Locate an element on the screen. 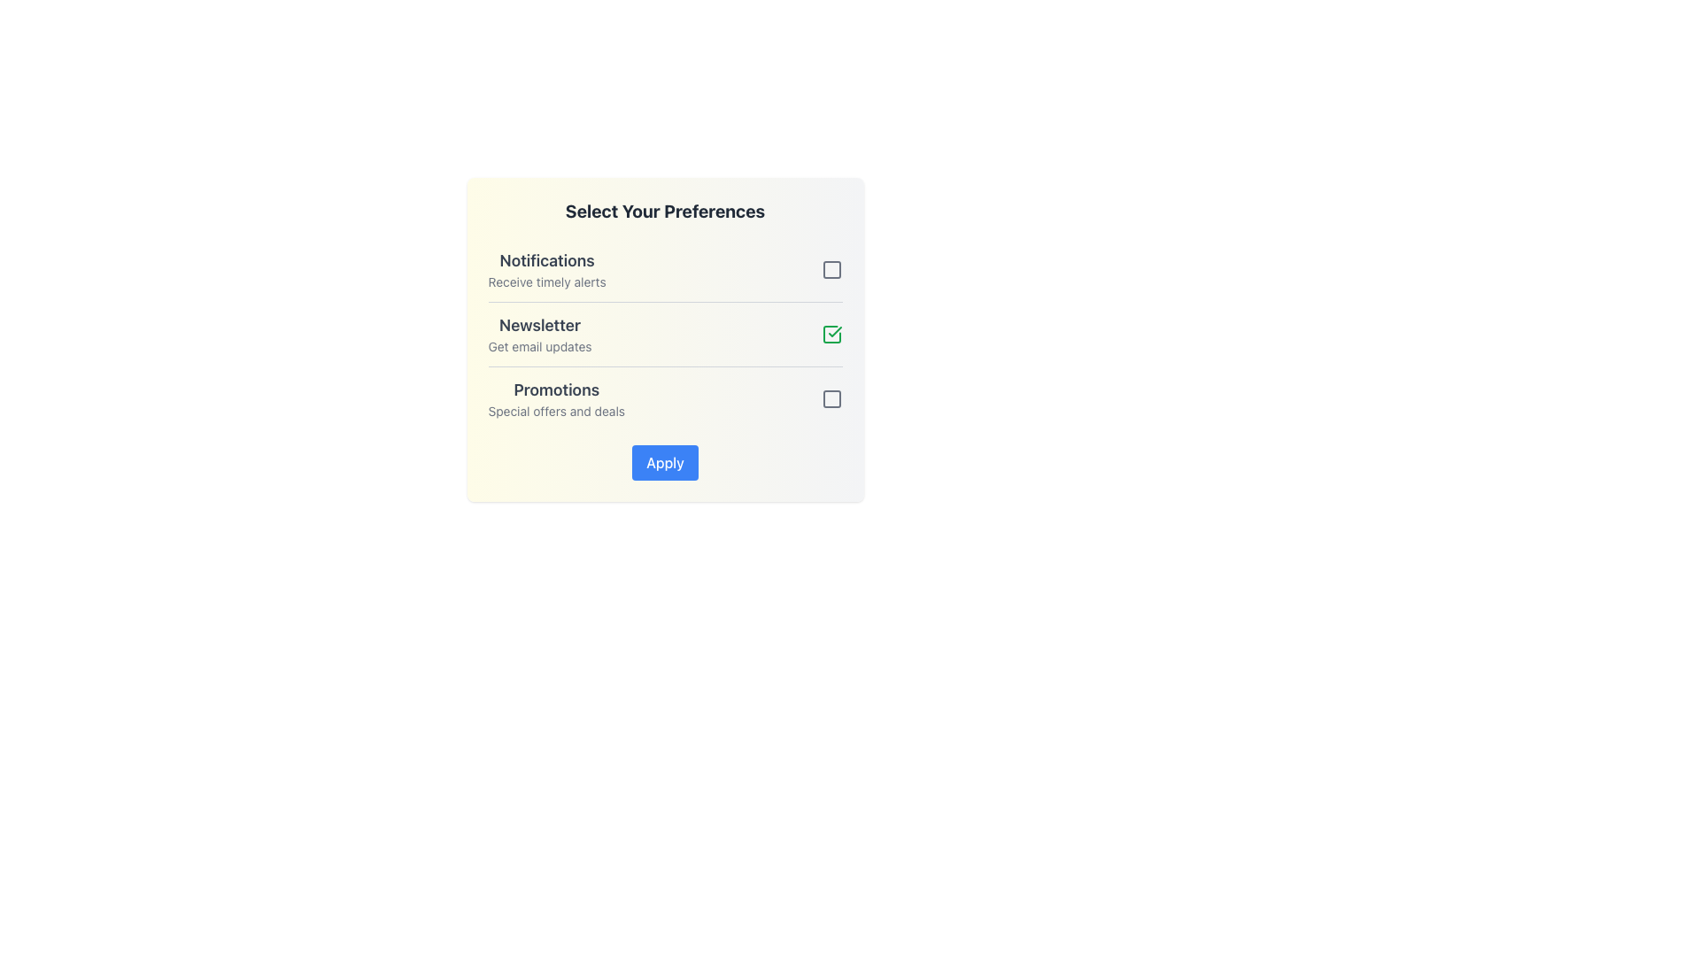  attributes of the checkbox outline for the 'Newsletter' option, which is represented as a vector graphic and is located in the center-right of the option line is located at coordinates (831, 335).